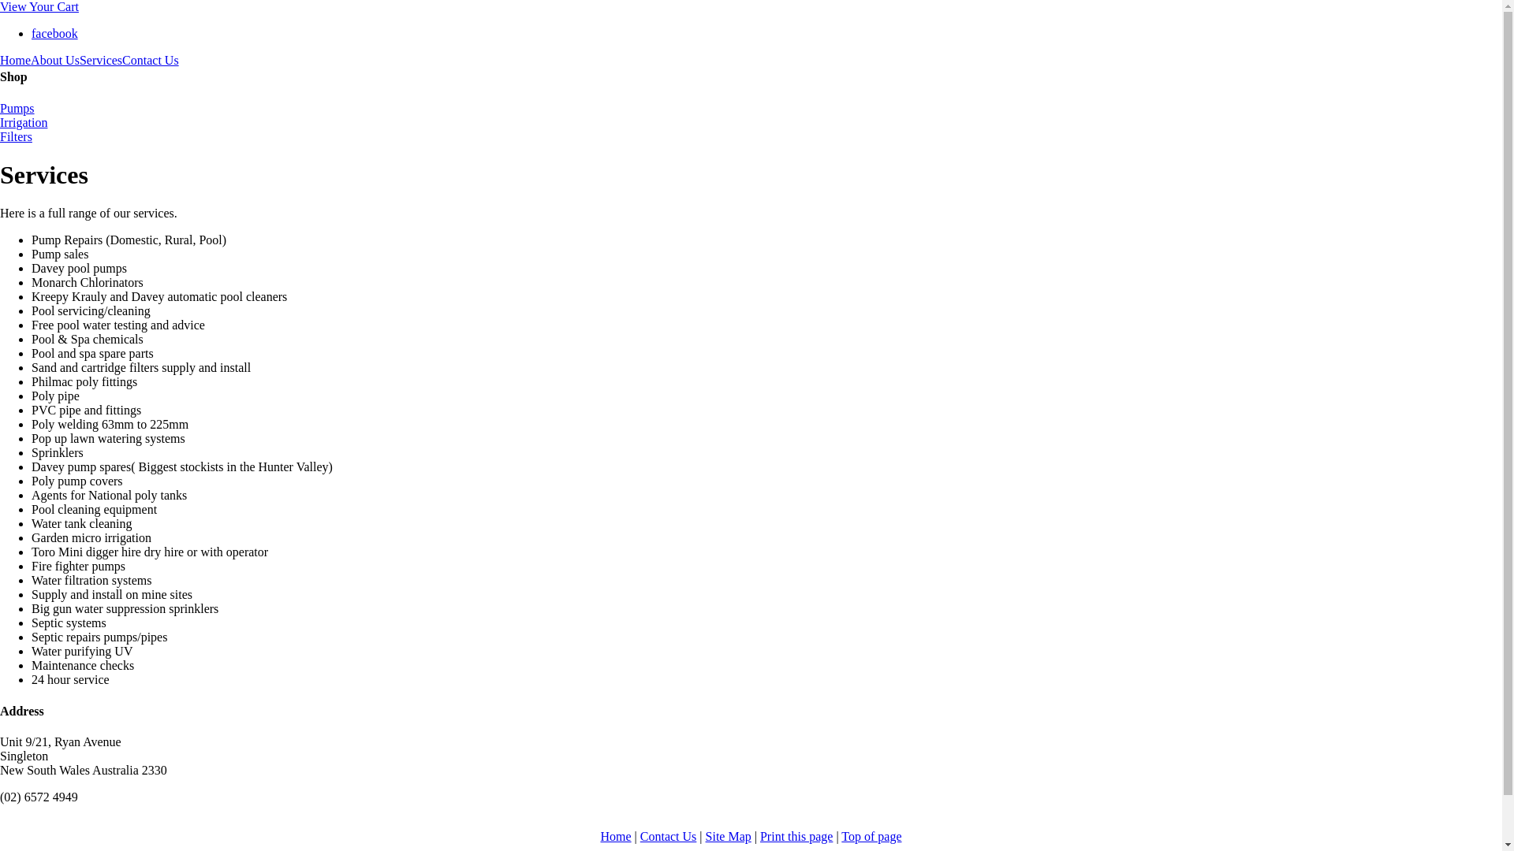 This screenshot has width=1514, height=851. Describe the element at coordinates (0, 60) in the screenshot. I see `'Home'` at that location.